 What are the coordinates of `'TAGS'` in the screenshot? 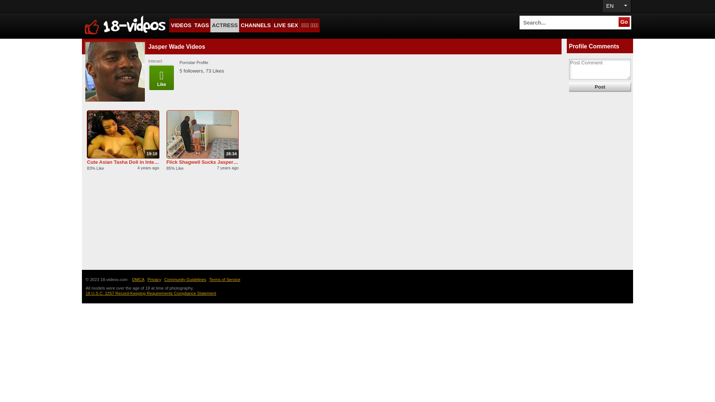 It's located at (201, 25).